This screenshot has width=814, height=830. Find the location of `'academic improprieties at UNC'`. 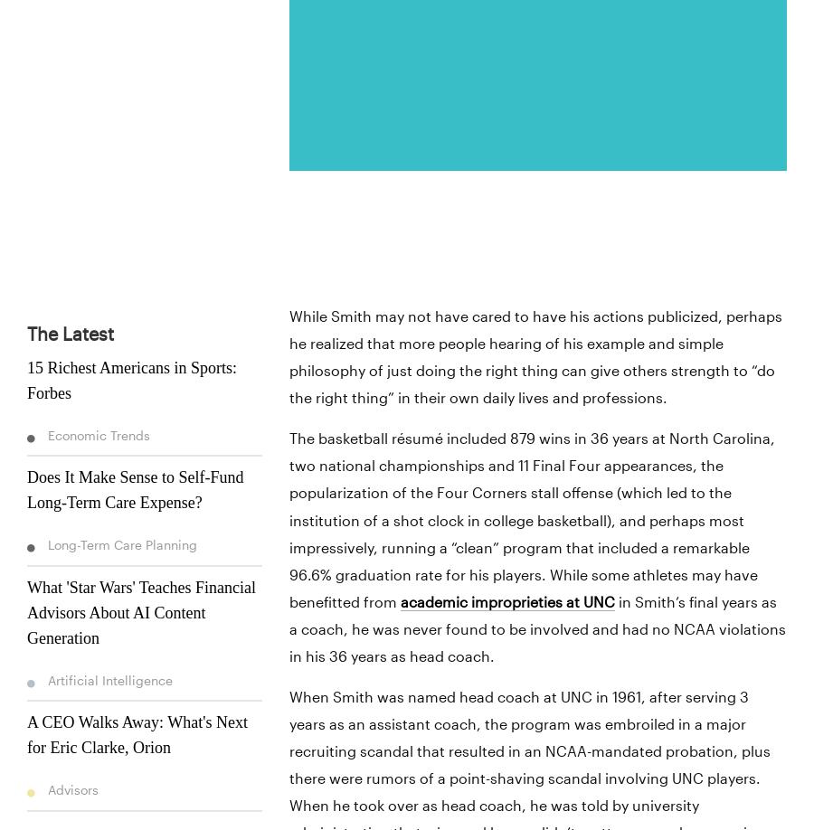

'academic improprieties at UNC' is located at coordinates (399, 601).